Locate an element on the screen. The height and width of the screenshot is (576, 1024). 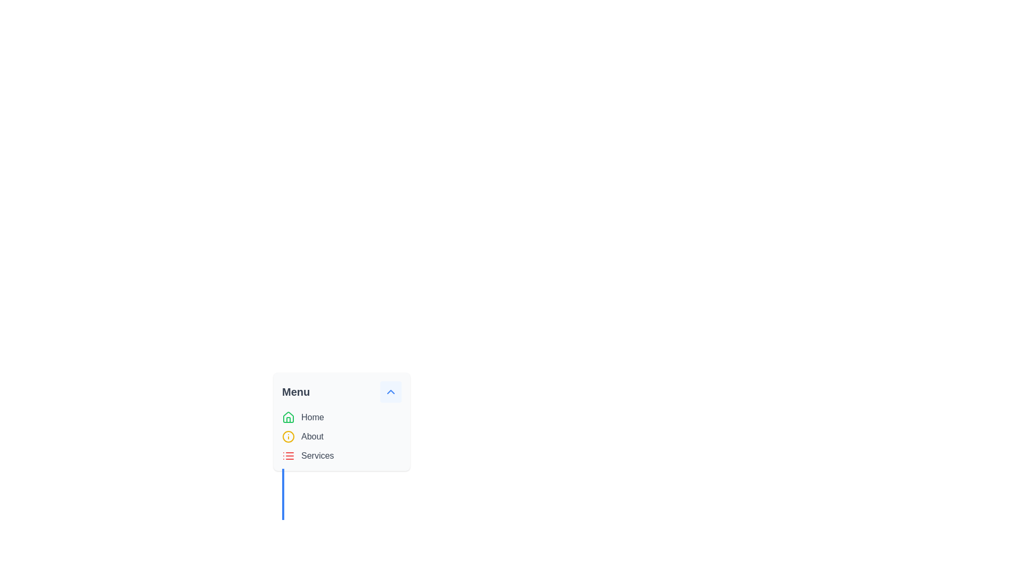
the 'Services' label, which is a gray text label in a standard sans-serif font, positioned as the third item in a vertical list of menu items, aligned to the right of an icon is located at coordinates (317, 456).